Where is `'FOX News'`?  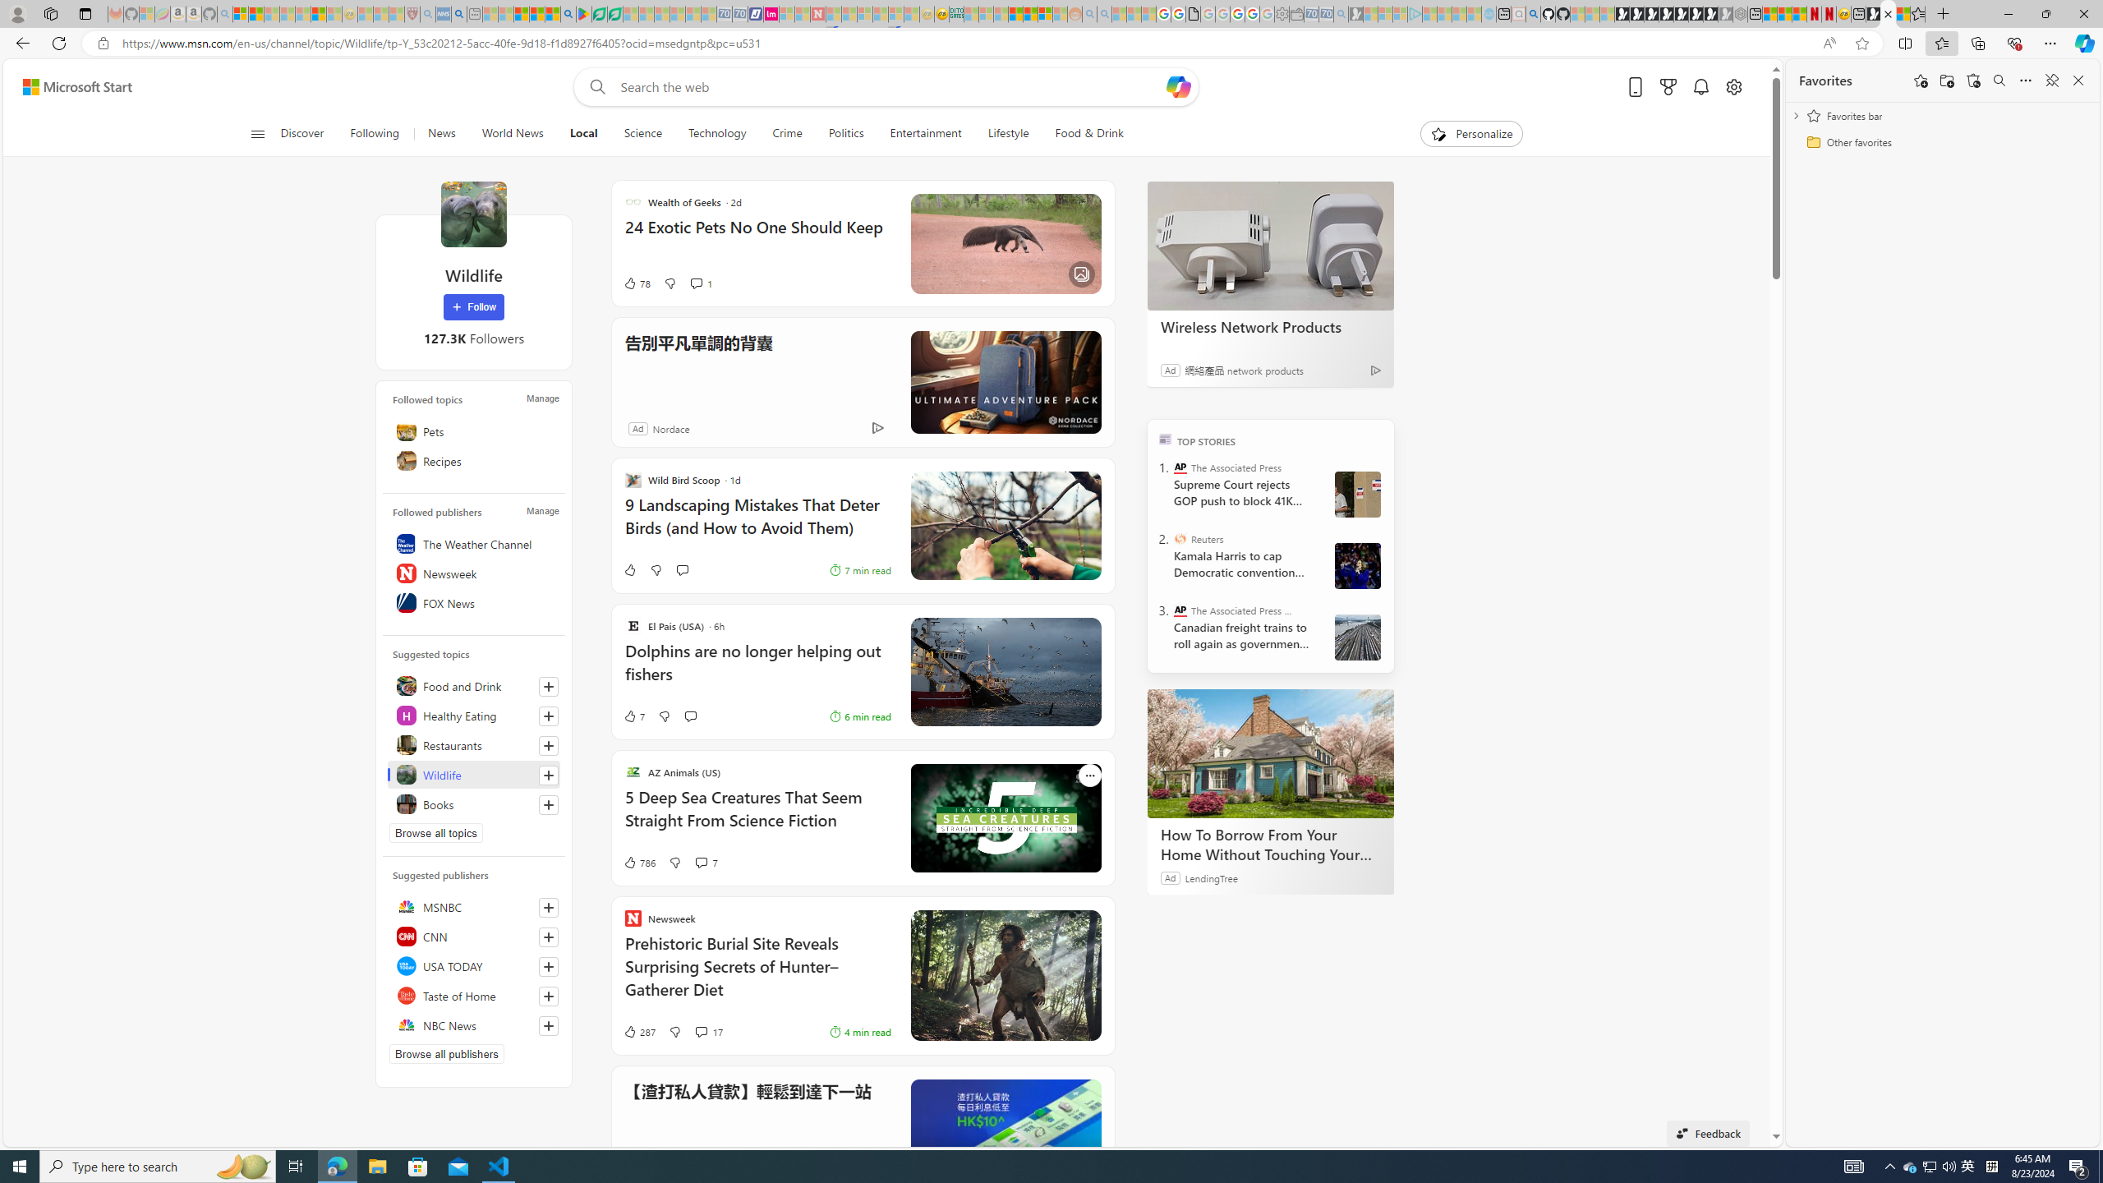 'FOX News' is located at coordinates (472, 603).